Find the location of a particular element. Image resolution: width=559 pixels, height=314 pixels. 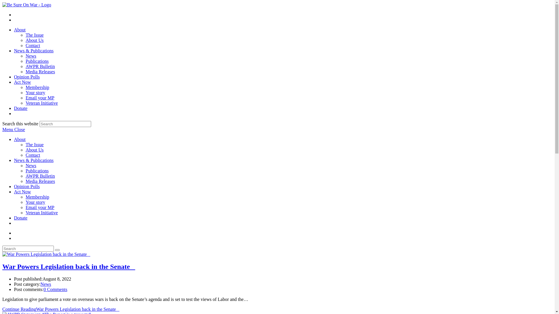

'The Issue' is located at coordinates (34, 144).